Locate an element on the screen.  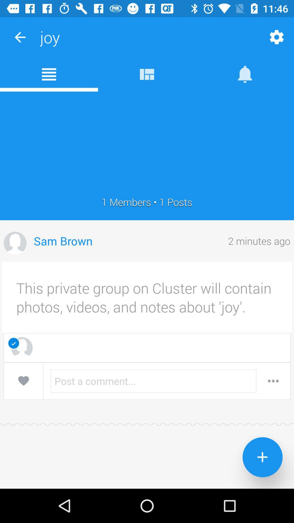
rating is located at coordinates (23, 381).